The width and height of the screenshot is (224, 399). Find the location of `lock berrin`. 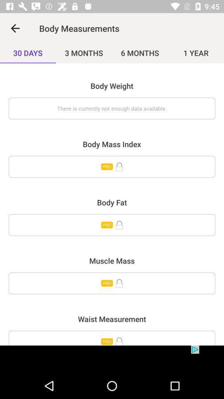

lock berrin is located at coordinates (112, 338).